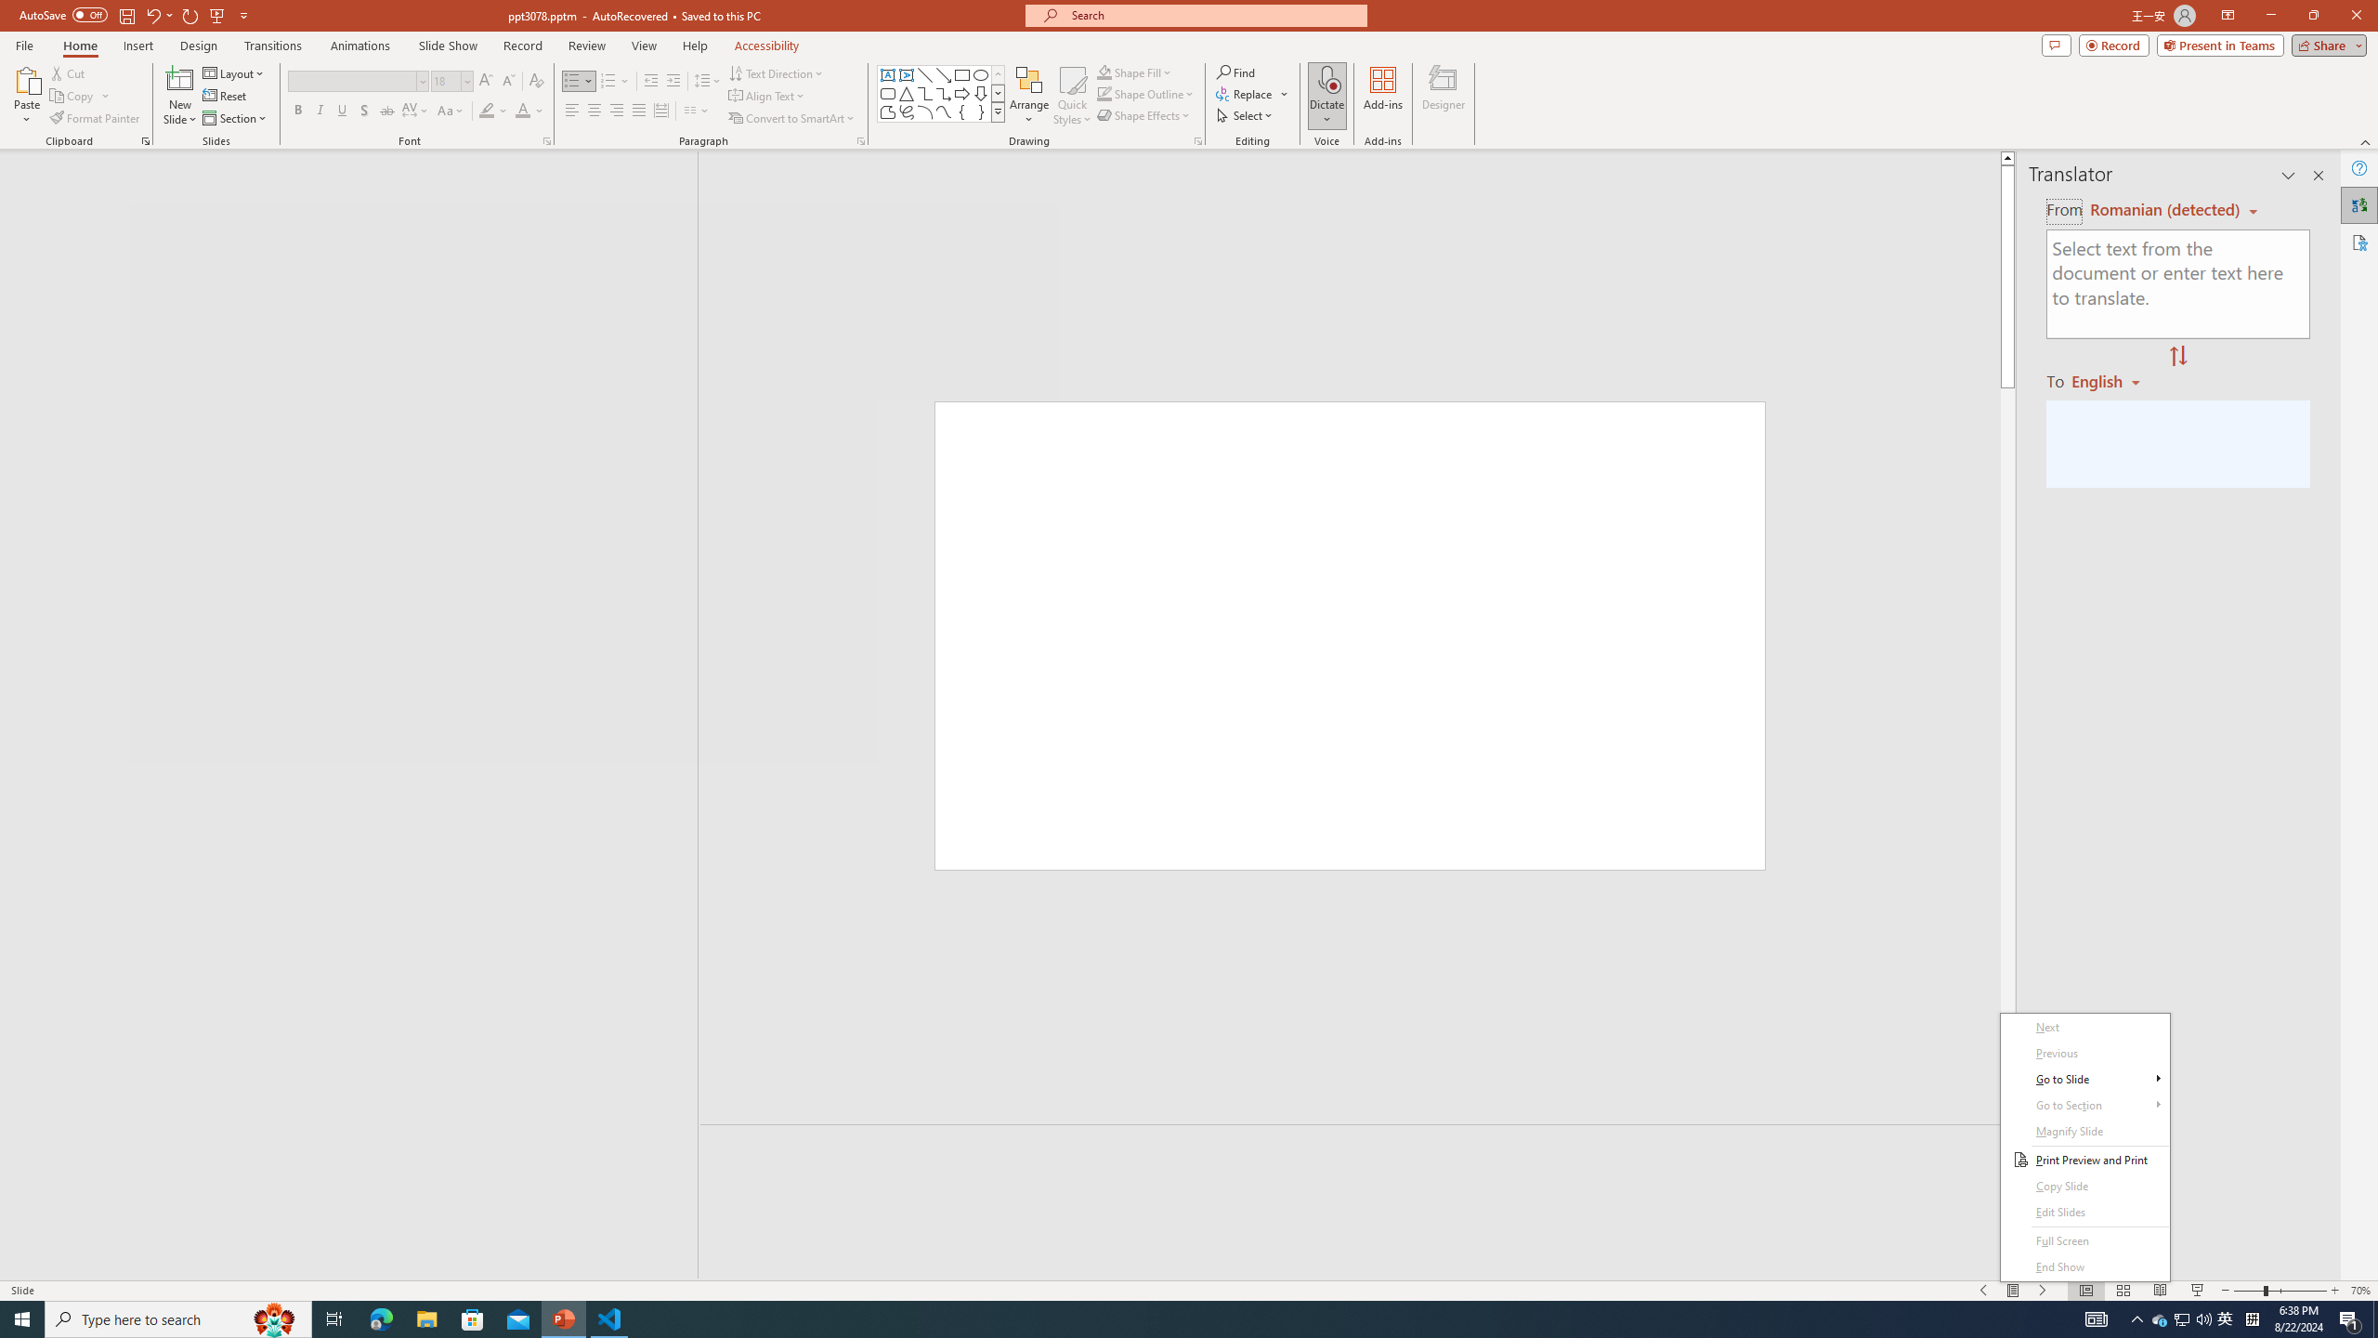  I want to click on 'Copy', so click(72, 96).